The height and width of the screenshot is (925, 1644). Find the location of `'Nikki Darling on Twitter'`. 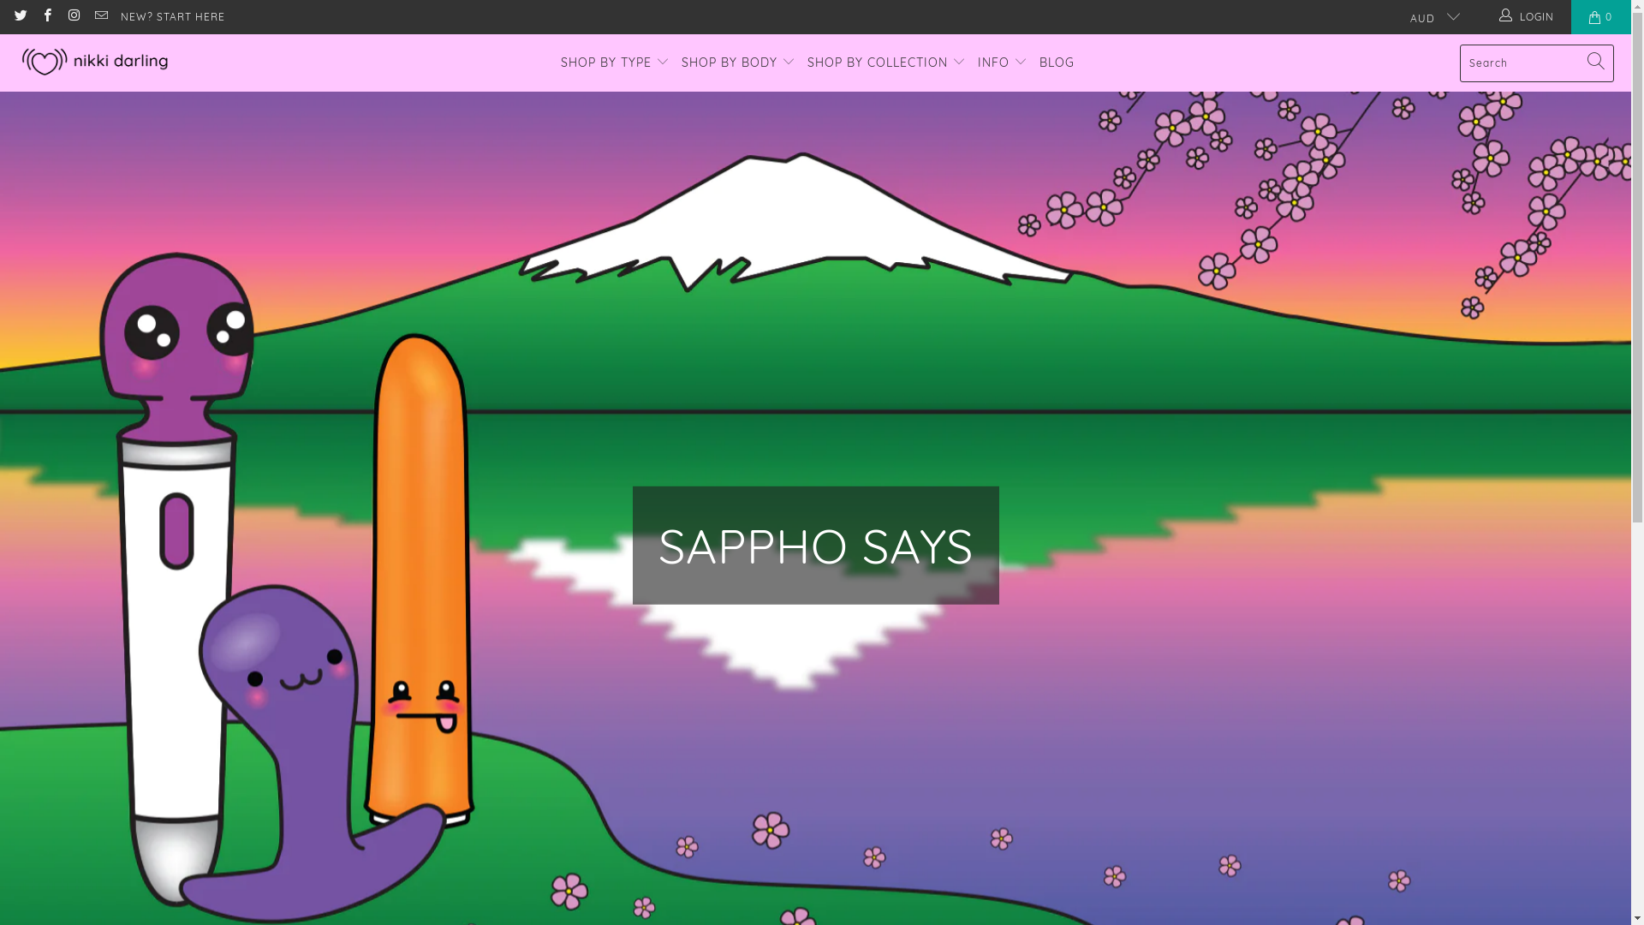

'Nikki Darling on Twitter' is located at coordinates (12, 16).